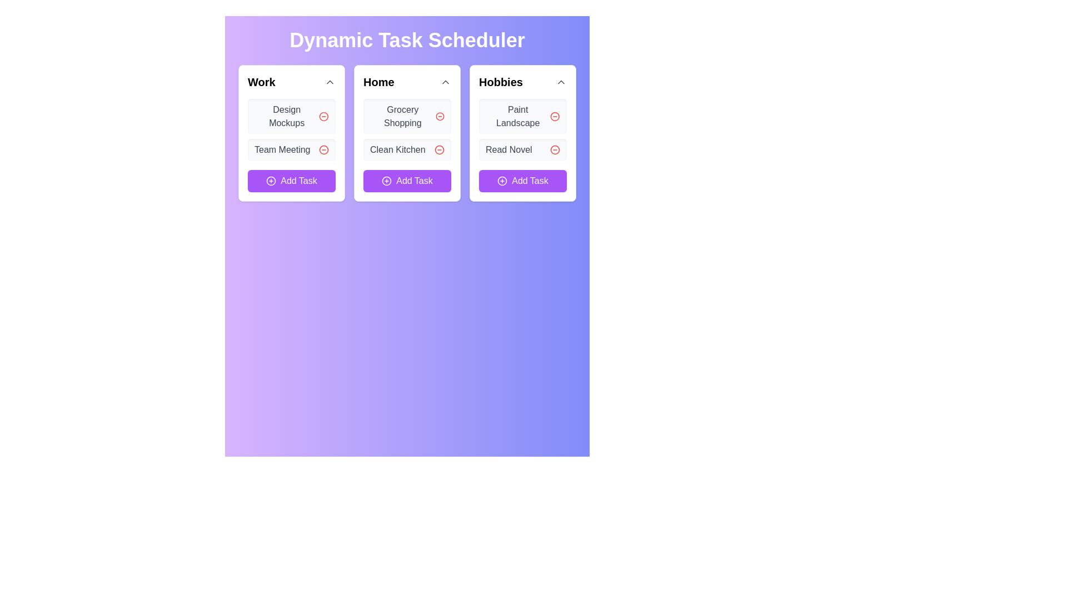  What do you see at coordinates (522, 150) in the screenshot?
I see `task name 'Read Novel' from the task item located in the 'Hobbies' section, which has a delete button represented by a minus icon on the right` at bounding box center [522, 150].